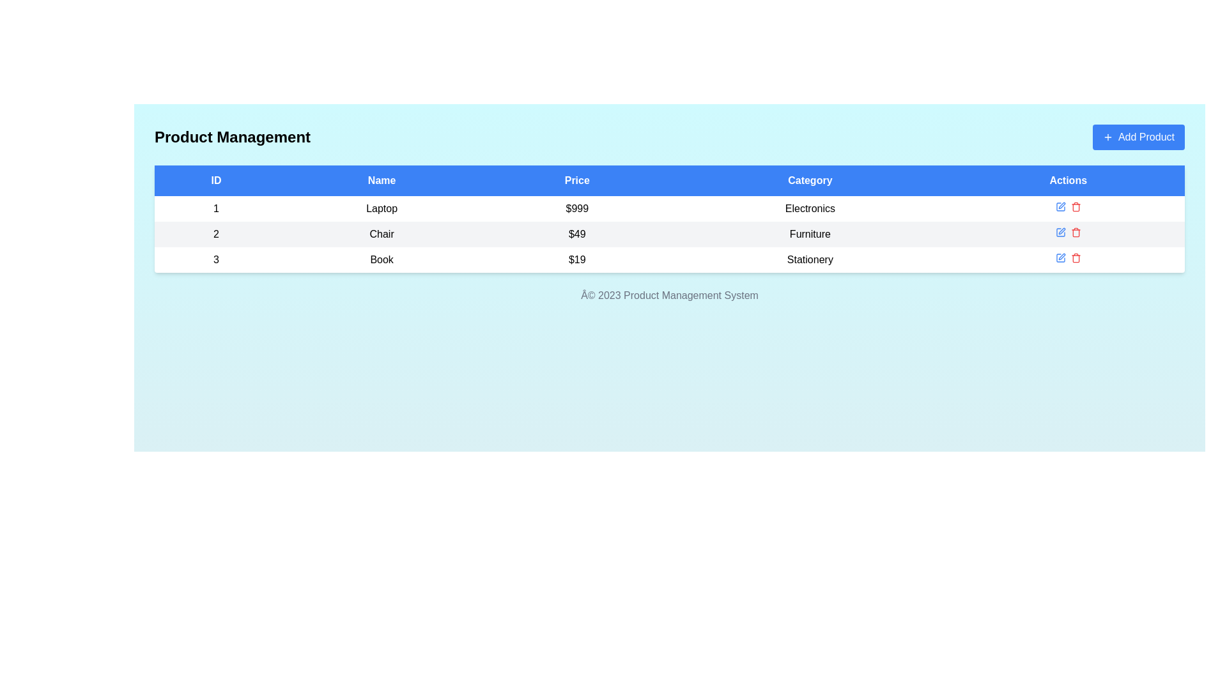 This screenshot has width=1227, height=690. I want to click on the blue button labeled 'Add Product' with a '+' icon, so click(1138, 137).